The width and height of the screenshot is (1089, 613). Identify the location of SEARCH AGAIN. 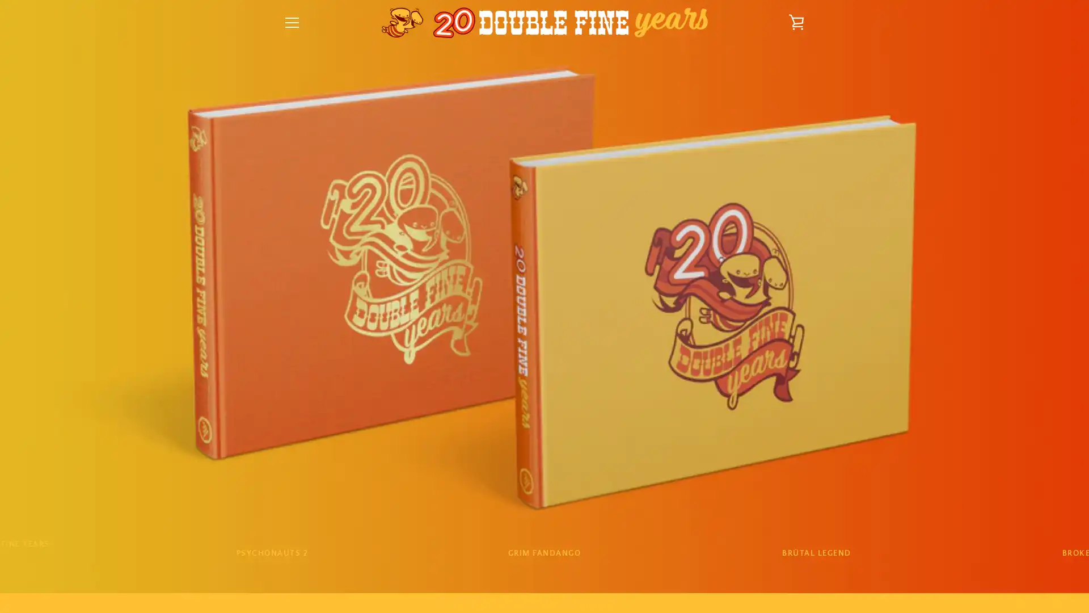
(598, 447).